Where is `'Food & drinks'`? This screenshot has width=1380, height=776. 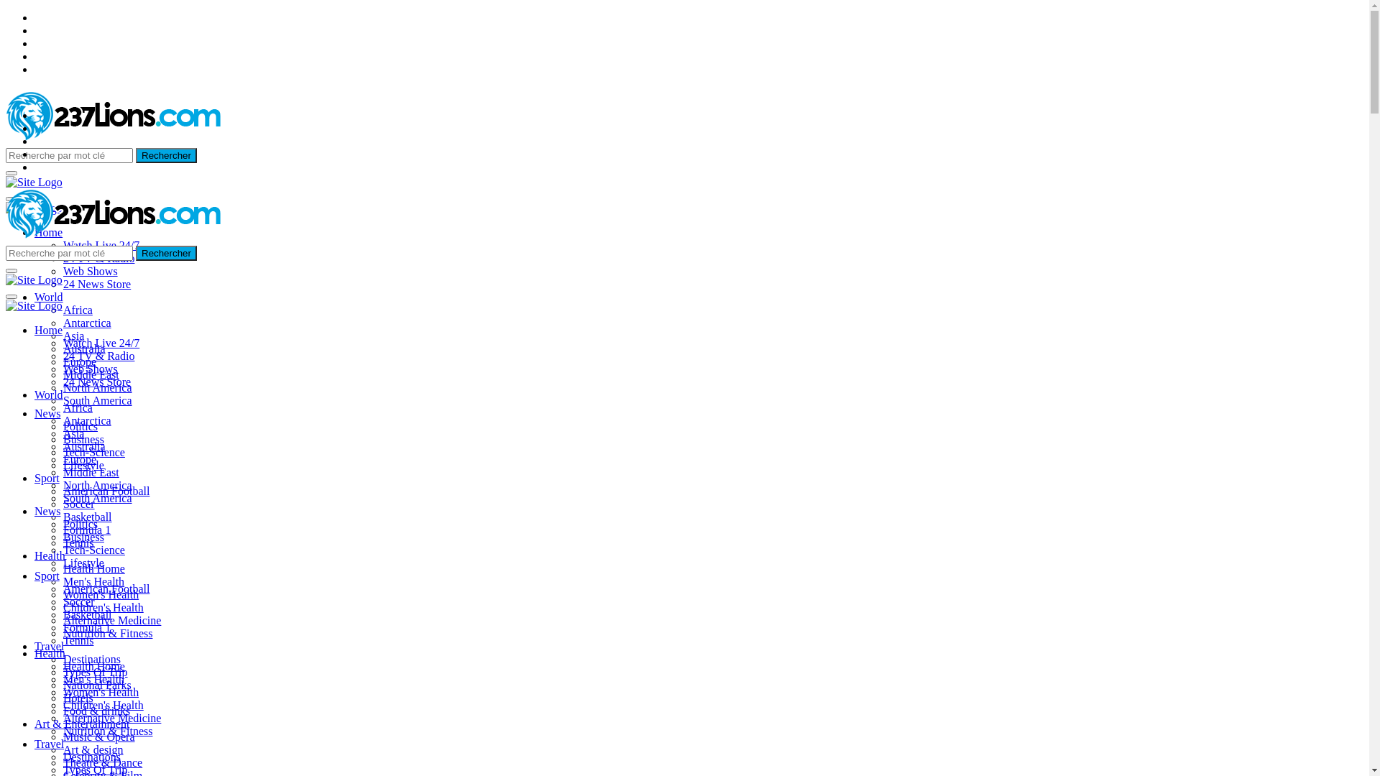
'Food & drinks' is located at coordinates (96, 710).